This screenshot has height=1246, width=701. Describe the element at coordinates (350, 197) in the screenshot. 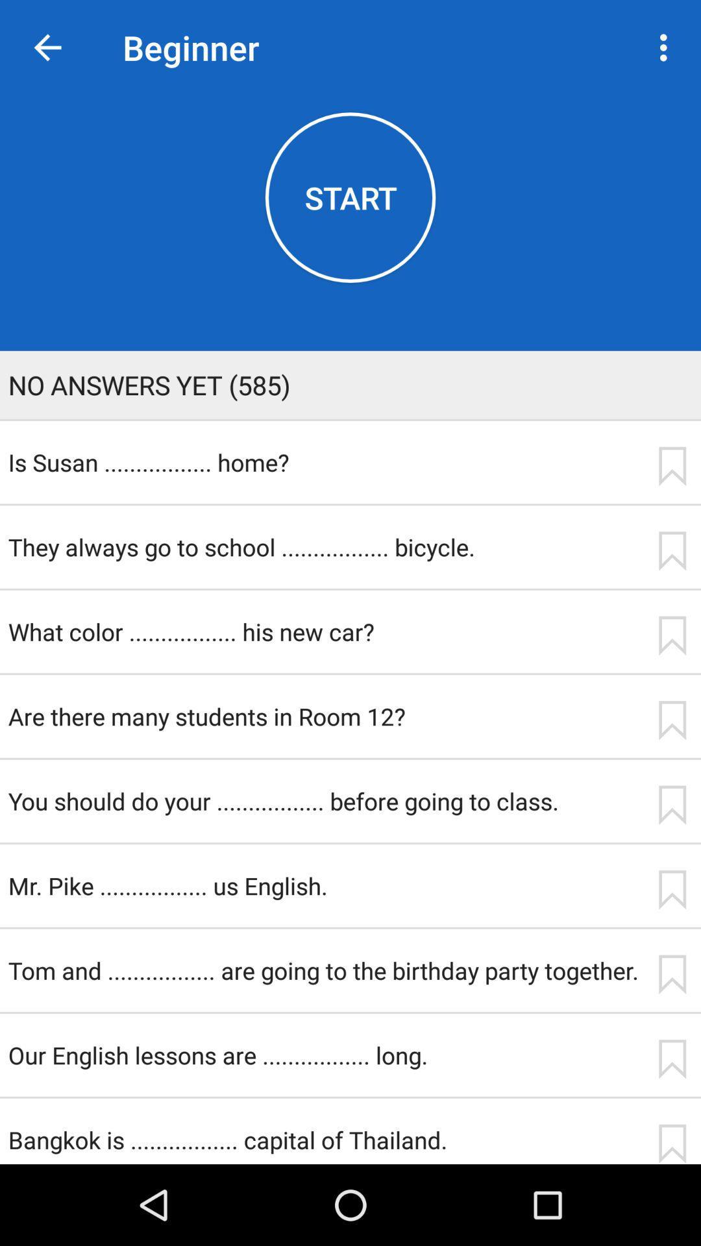

I see `the icon below beginner item` at that location.